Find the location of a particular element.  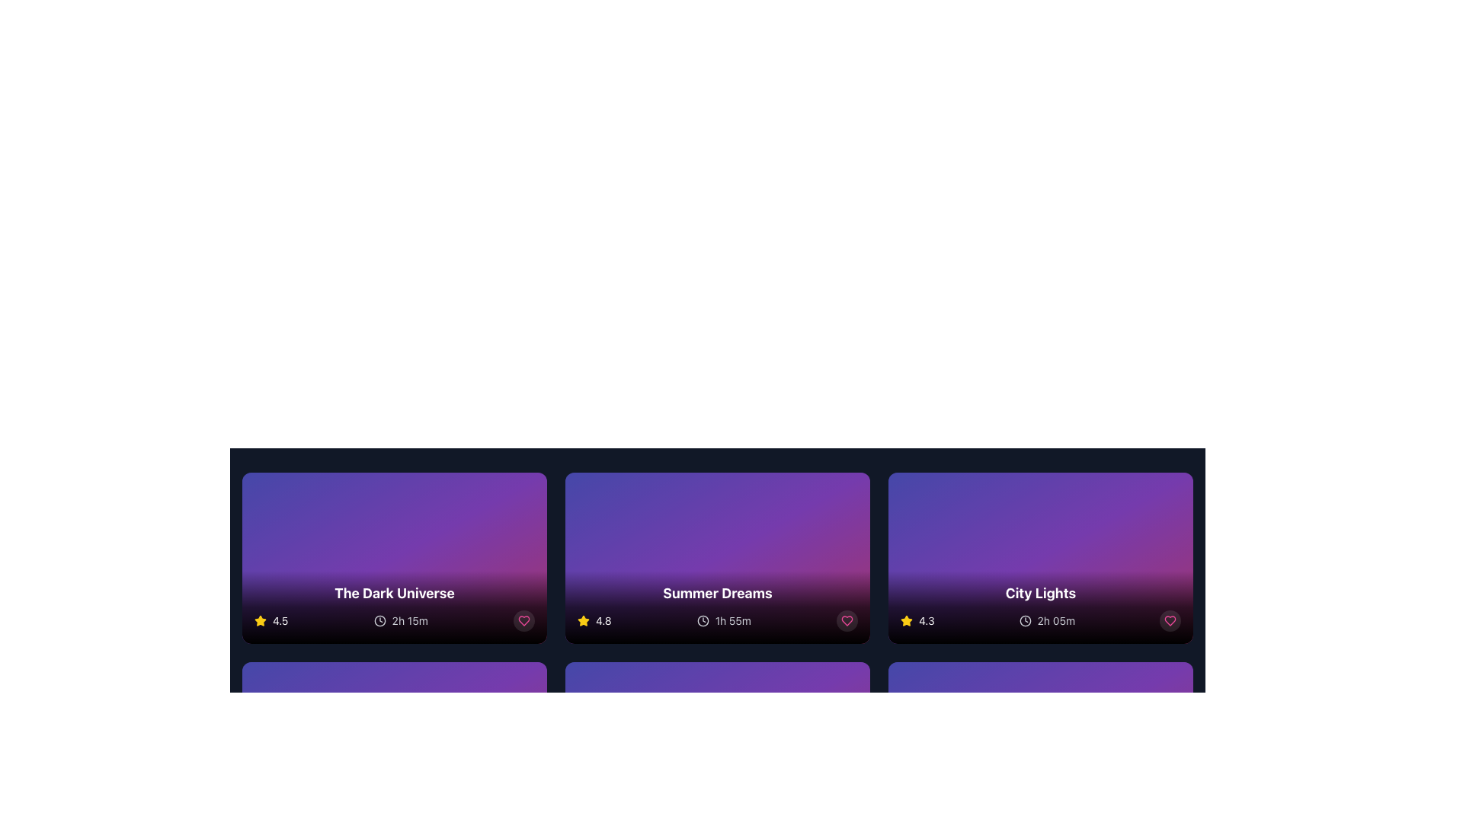

the clock face circle, which is the base element within the SVG clock illustration is located at coordinates (379, 621).